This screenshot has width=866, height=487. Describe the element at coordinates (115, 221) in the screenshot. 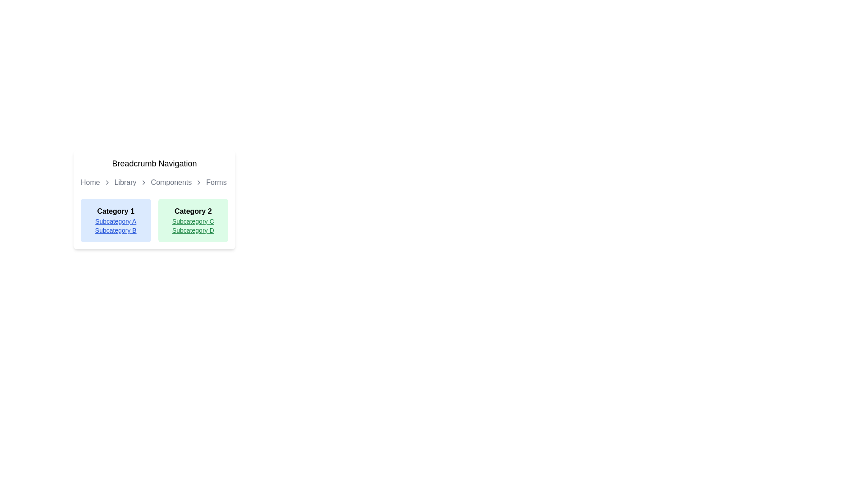

I see `the text link labeled 'Subcategory A', which is styled in a small blue font and underlined, indicating it is an actionable item` at that location.